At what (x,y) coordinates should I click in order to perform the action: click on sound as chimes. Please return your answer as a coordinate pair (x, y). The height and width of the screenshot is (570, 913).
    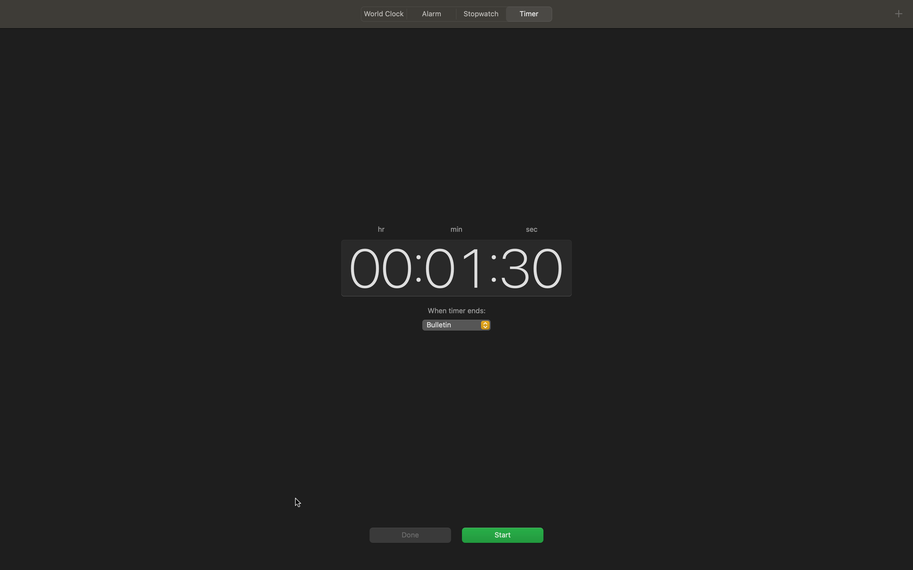
    Looking at the image, I should click on (455, 324).